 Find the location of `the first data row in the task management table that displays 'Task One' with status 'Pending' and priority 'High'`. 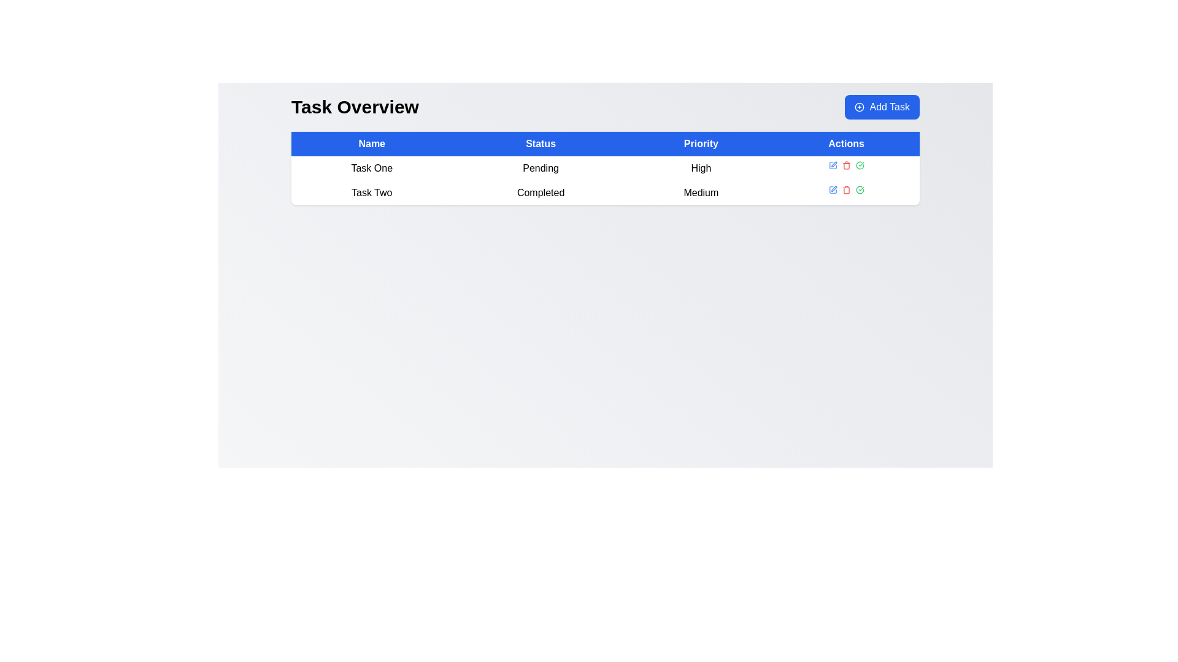

the first data row in the task management table that displays 'Task One' with status 'Pending' and priority 'High' is located at coordinates (606, 180).